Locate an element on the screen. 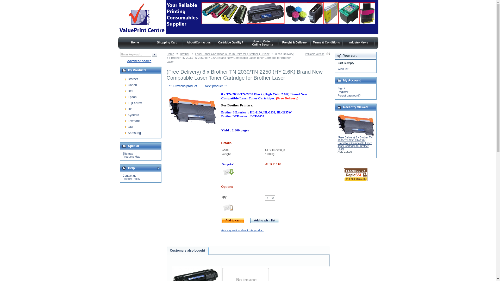  'How to Order / Online Security' is located at coordinates (252, 42).